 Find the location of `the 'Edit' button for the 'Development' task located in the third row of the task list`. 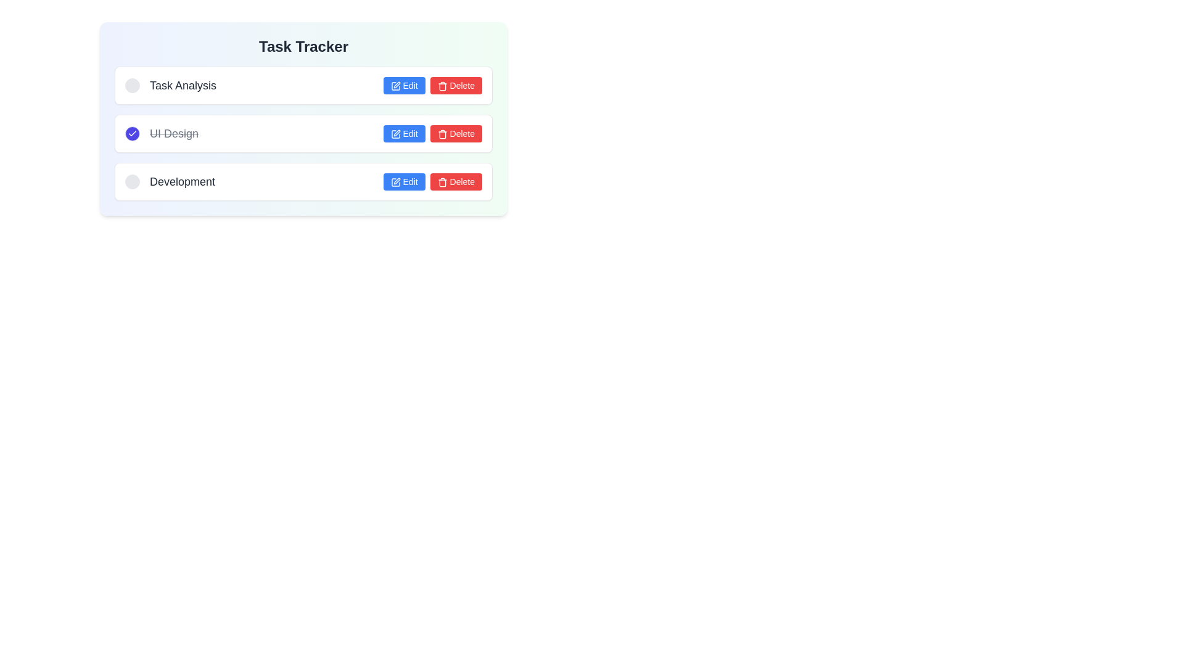

the 'Edit' button for the 'Development' task located in the third row of the task list is located at coordinates (404, 181).